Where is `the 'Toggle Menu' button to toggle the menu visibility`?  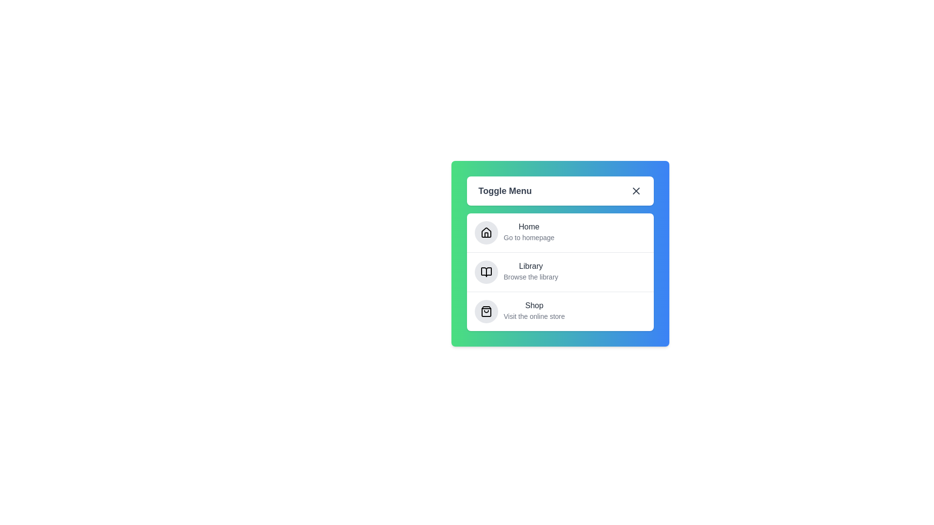
the 'Toggle Menu' button to toggle the menu visibility is located at coordinates (560, 191).